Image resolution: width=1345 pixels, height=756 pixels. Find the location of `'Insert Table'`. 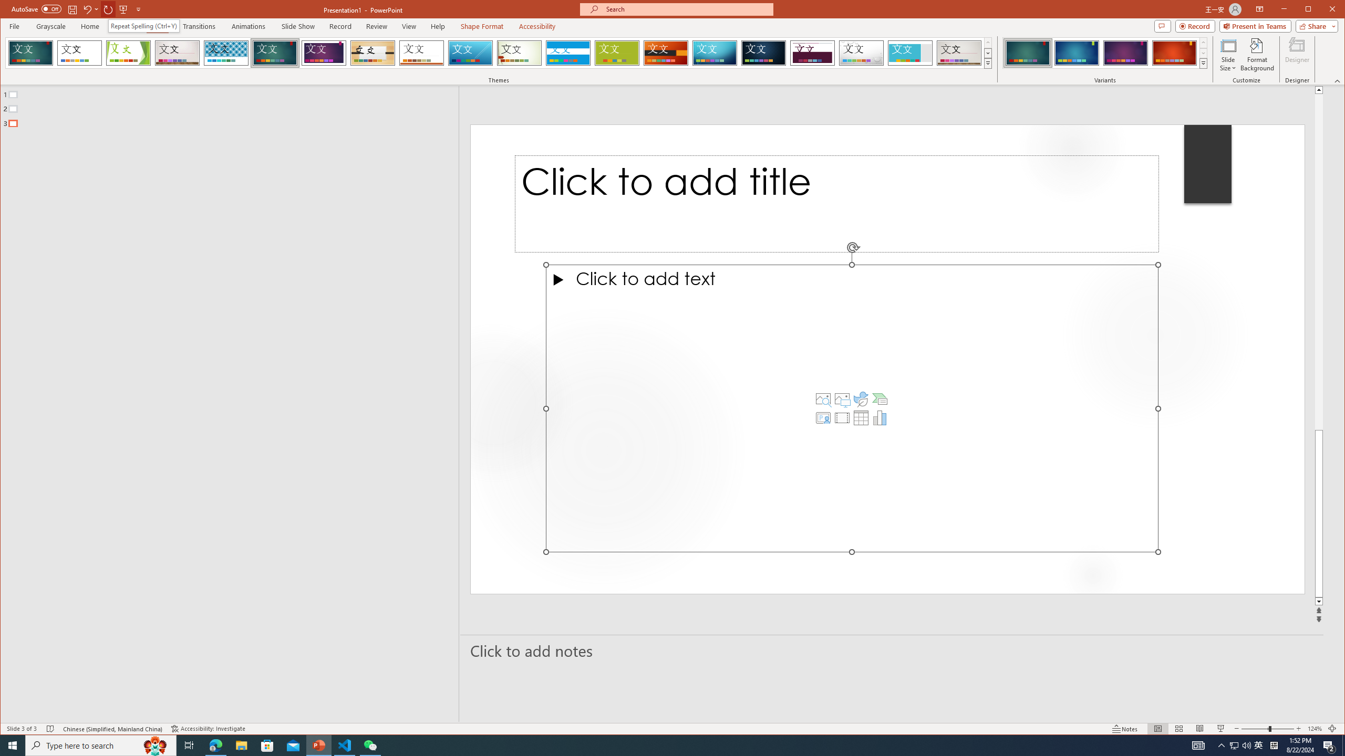

'Insert Table' is located at coordinates (861, 418).